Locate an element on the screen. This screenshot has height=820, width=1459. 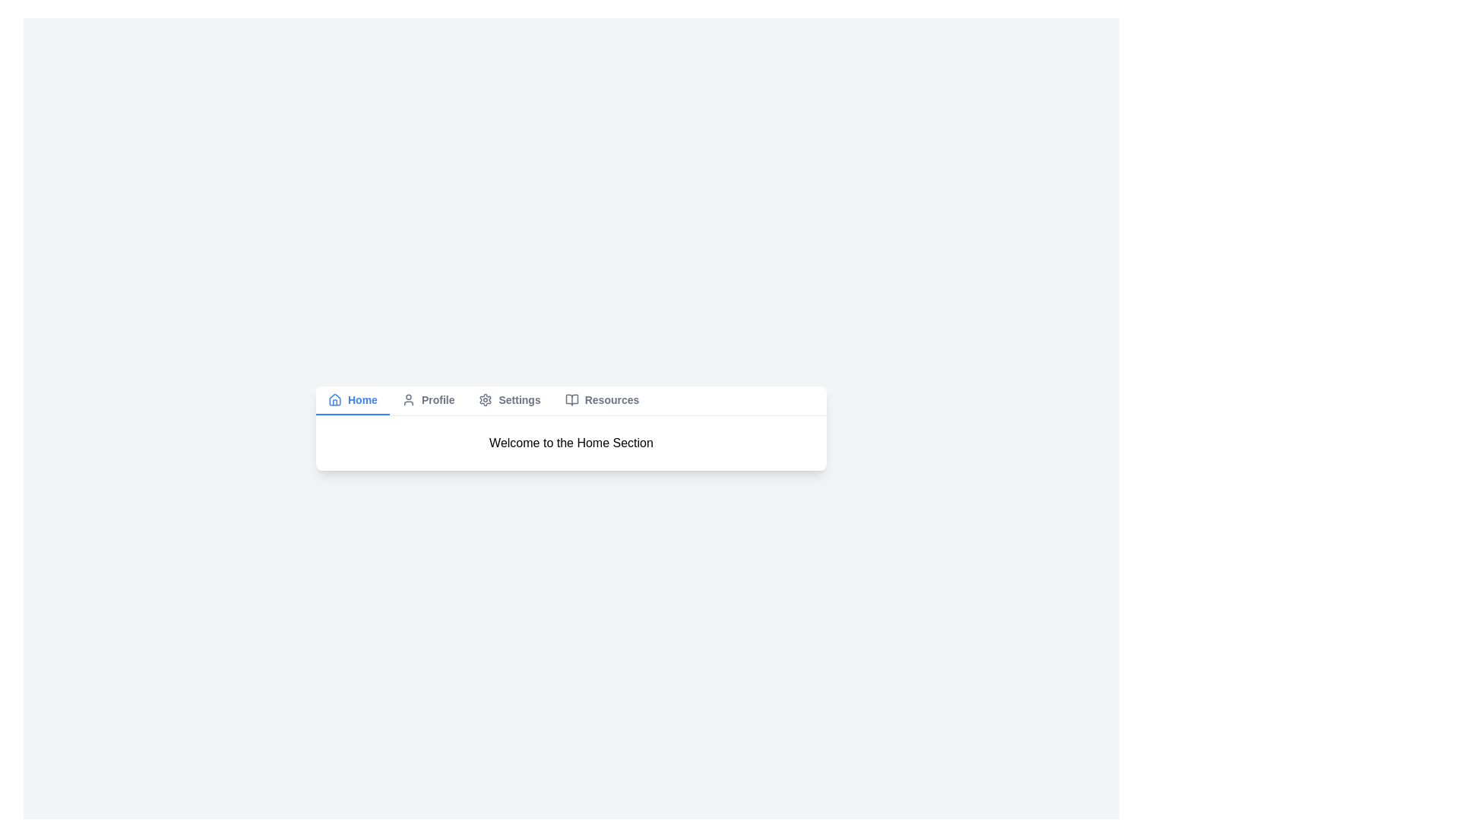
the 'Settings' navigation link is located at coordinates (510, 399).